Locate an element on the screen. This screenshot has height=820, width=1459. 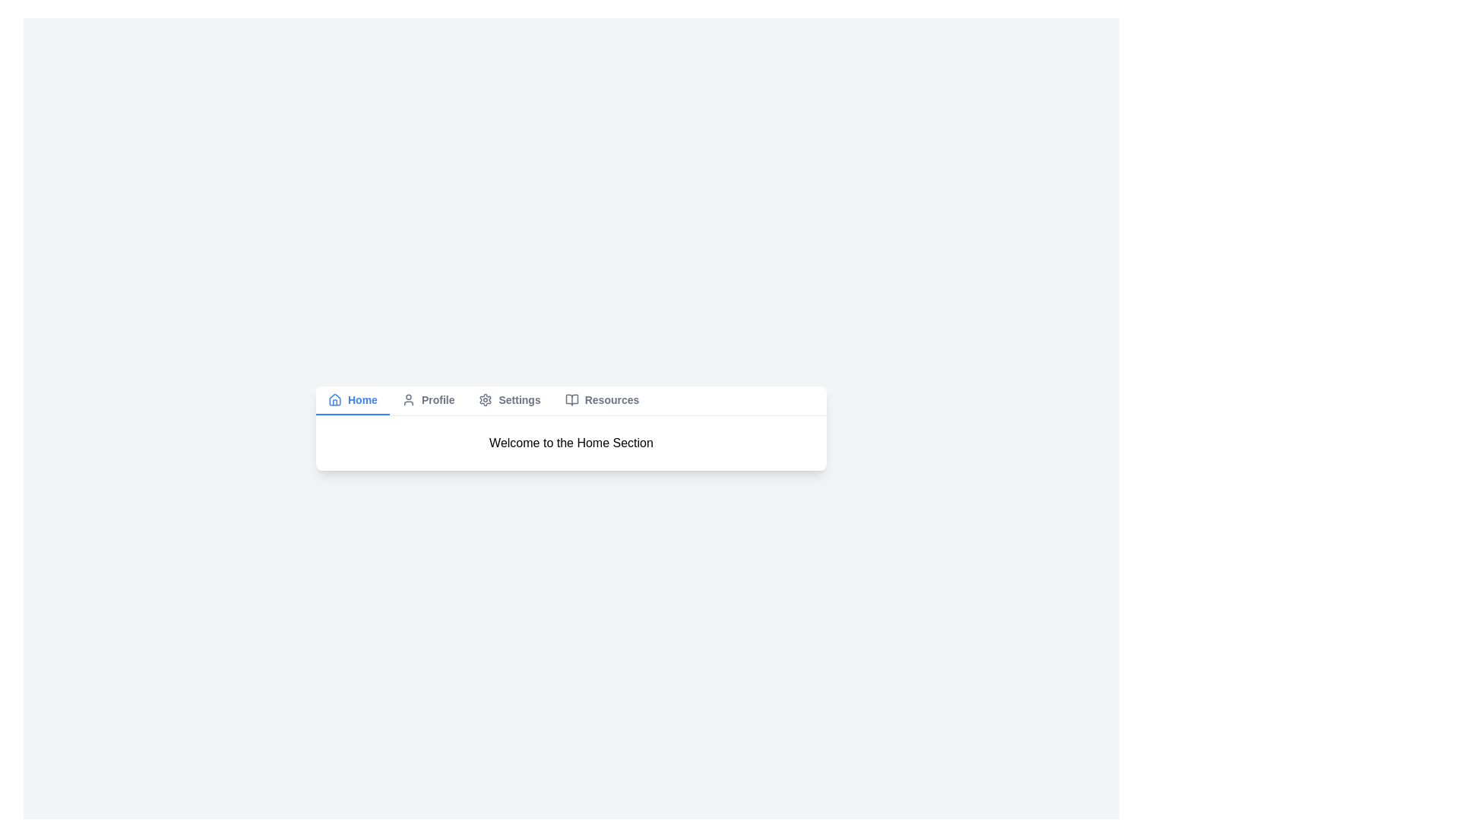
the 'Settings' navigation link is located at coordinates (510, 399).